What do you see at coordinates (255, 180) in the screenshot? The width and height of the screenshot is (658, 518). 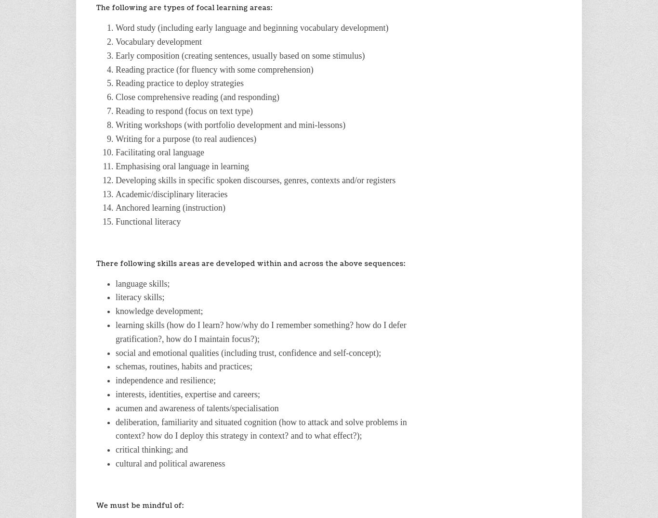 I see `'Developing skills in specific spoken discourses, genres, contexts and/or registers'` at bounding box center [255, 180].